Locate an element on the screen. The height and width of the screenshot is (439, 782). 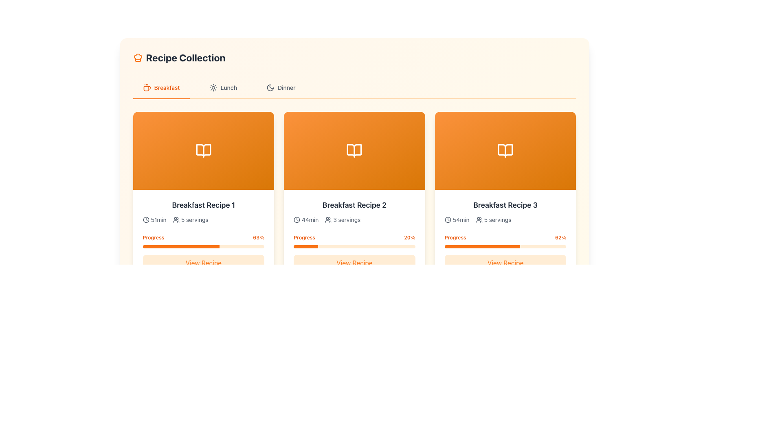
the clock icon with a circular outline and minimalistic clock hands located to the left of the text '51min' is located at coordinates (146, 219).